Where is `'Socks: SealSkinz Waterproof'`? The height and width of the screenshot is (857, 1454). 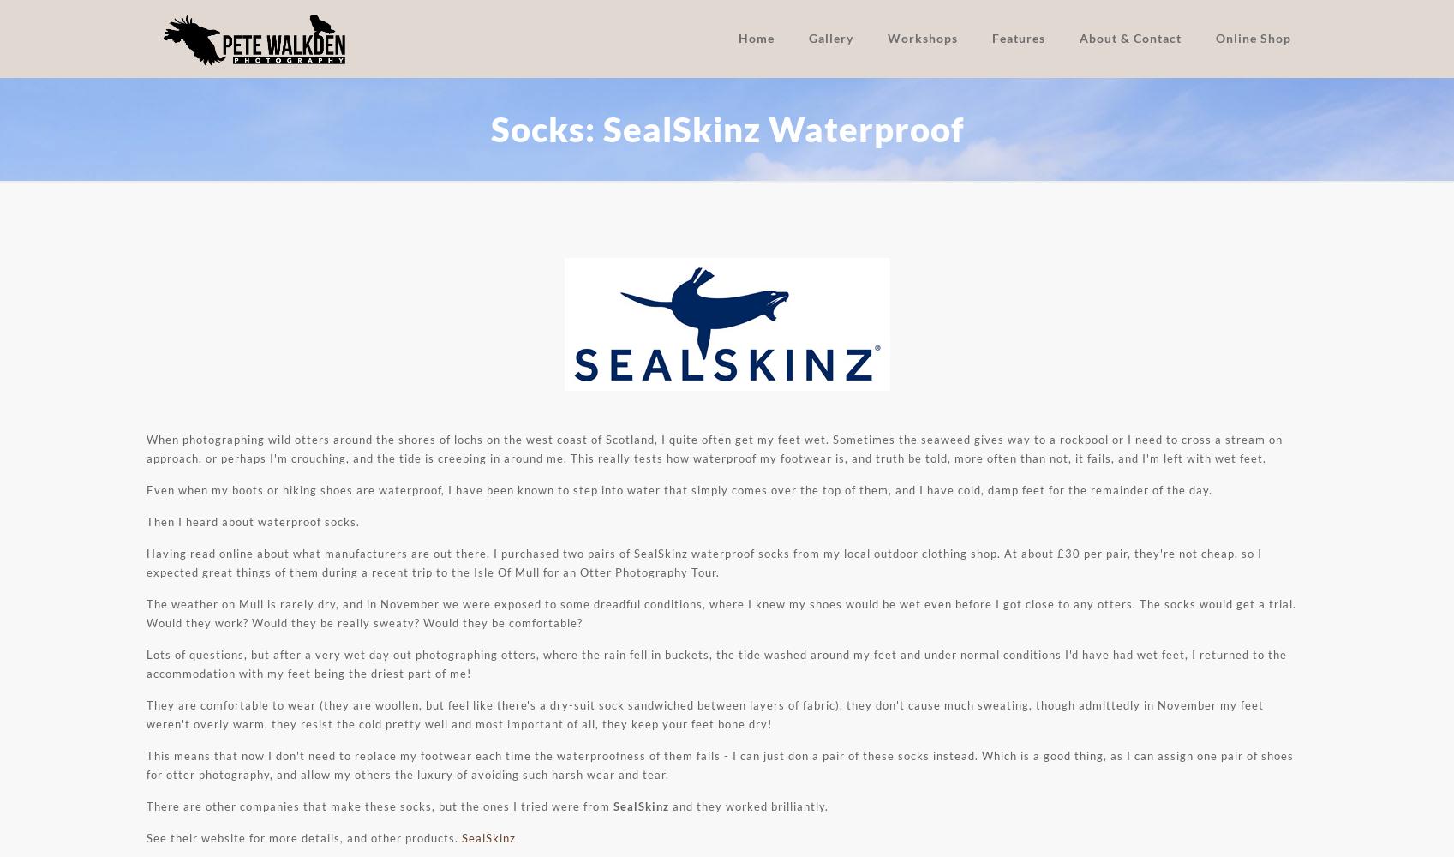 'Socks: SealSkinz Waterproof' is located at coordinates (726, 129).